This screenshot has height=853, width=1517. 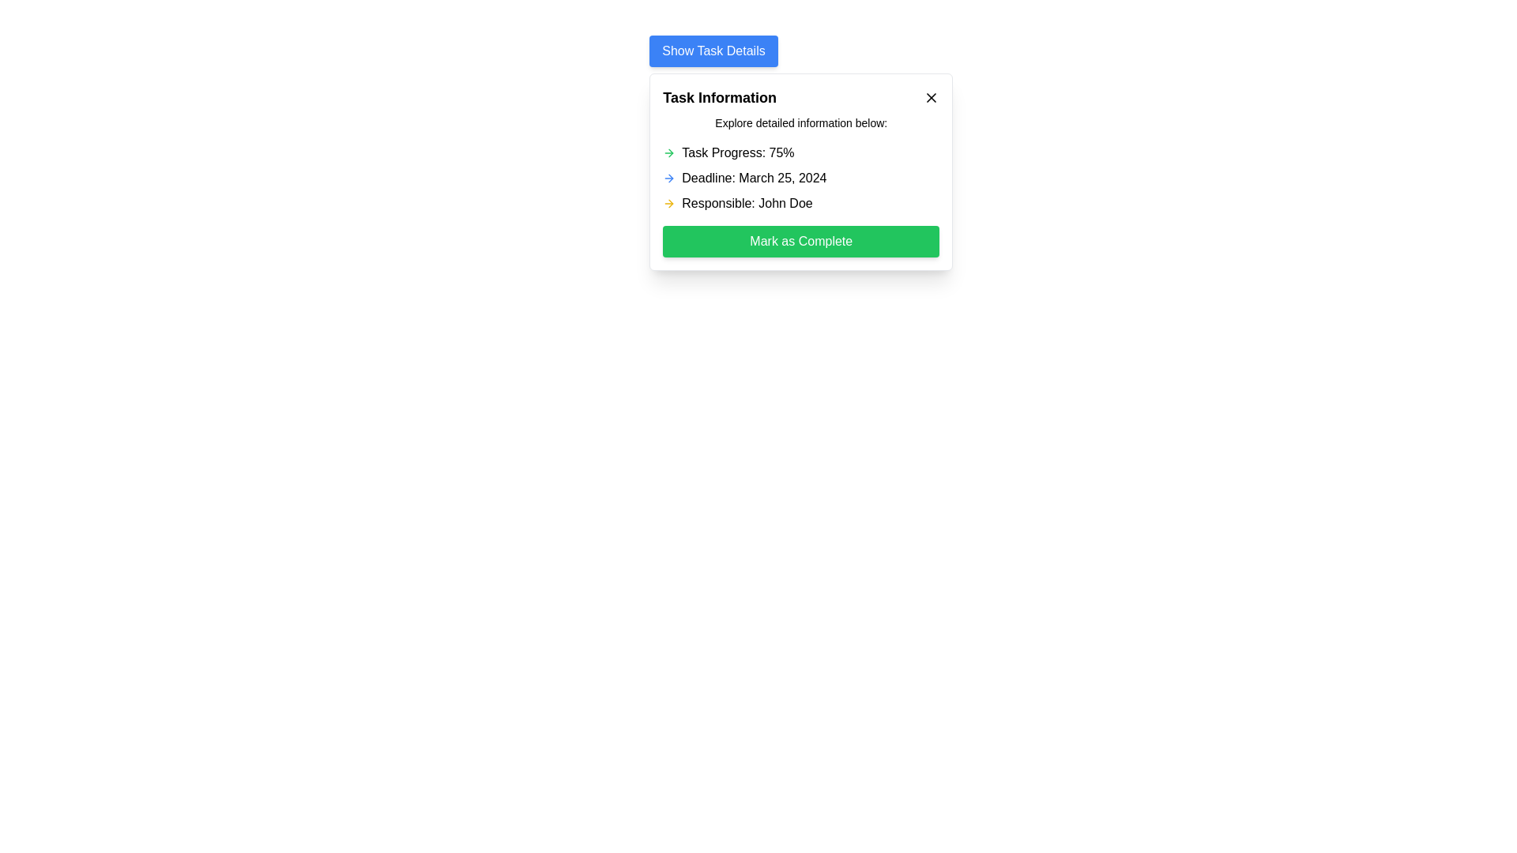 I want to click on the button located at the top of the task details modal, so click(x=713, y=51).